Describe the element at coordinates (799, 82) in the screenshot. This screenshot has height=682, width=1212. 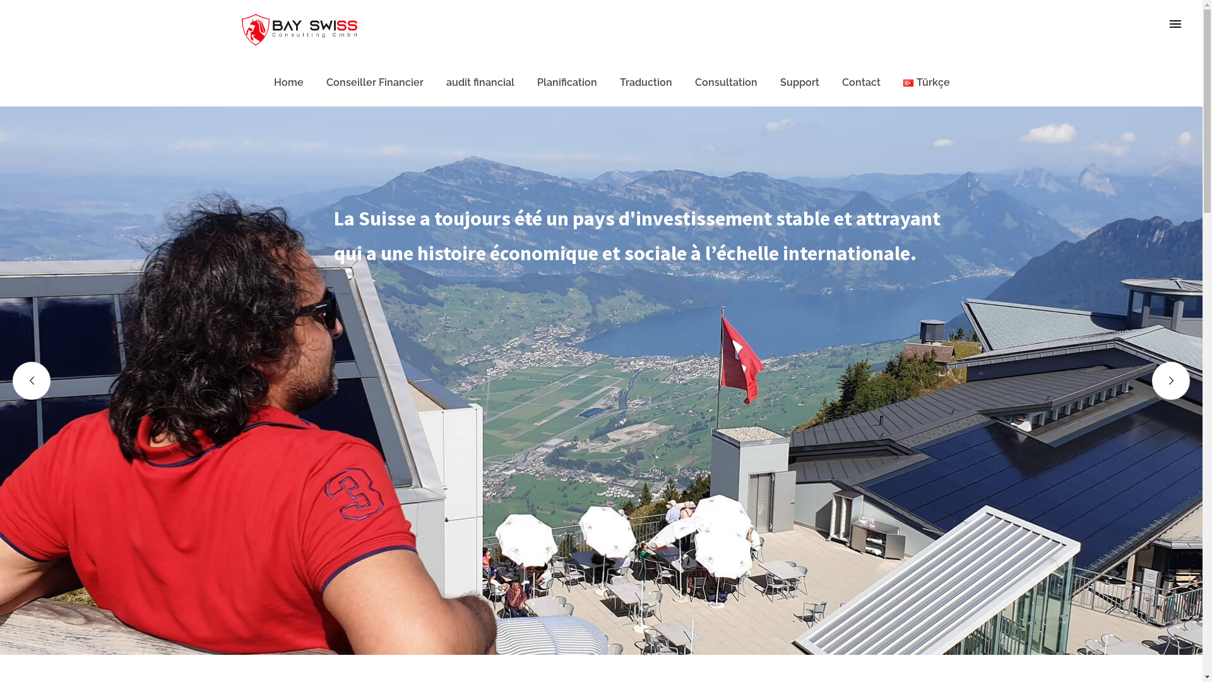
I see `'Support'` at that location.